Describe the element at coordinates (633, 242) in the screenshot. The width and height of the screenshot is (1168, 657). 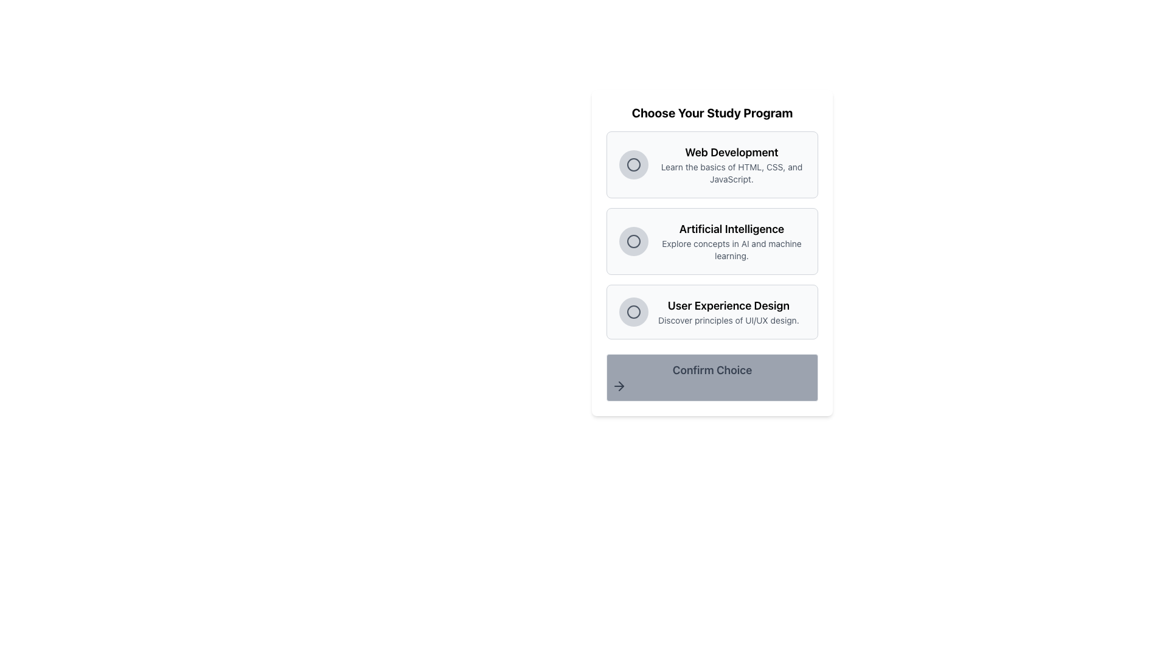
I see `the radio button icon located to the left of the 'Artificial Intelligence' option label` at that location.